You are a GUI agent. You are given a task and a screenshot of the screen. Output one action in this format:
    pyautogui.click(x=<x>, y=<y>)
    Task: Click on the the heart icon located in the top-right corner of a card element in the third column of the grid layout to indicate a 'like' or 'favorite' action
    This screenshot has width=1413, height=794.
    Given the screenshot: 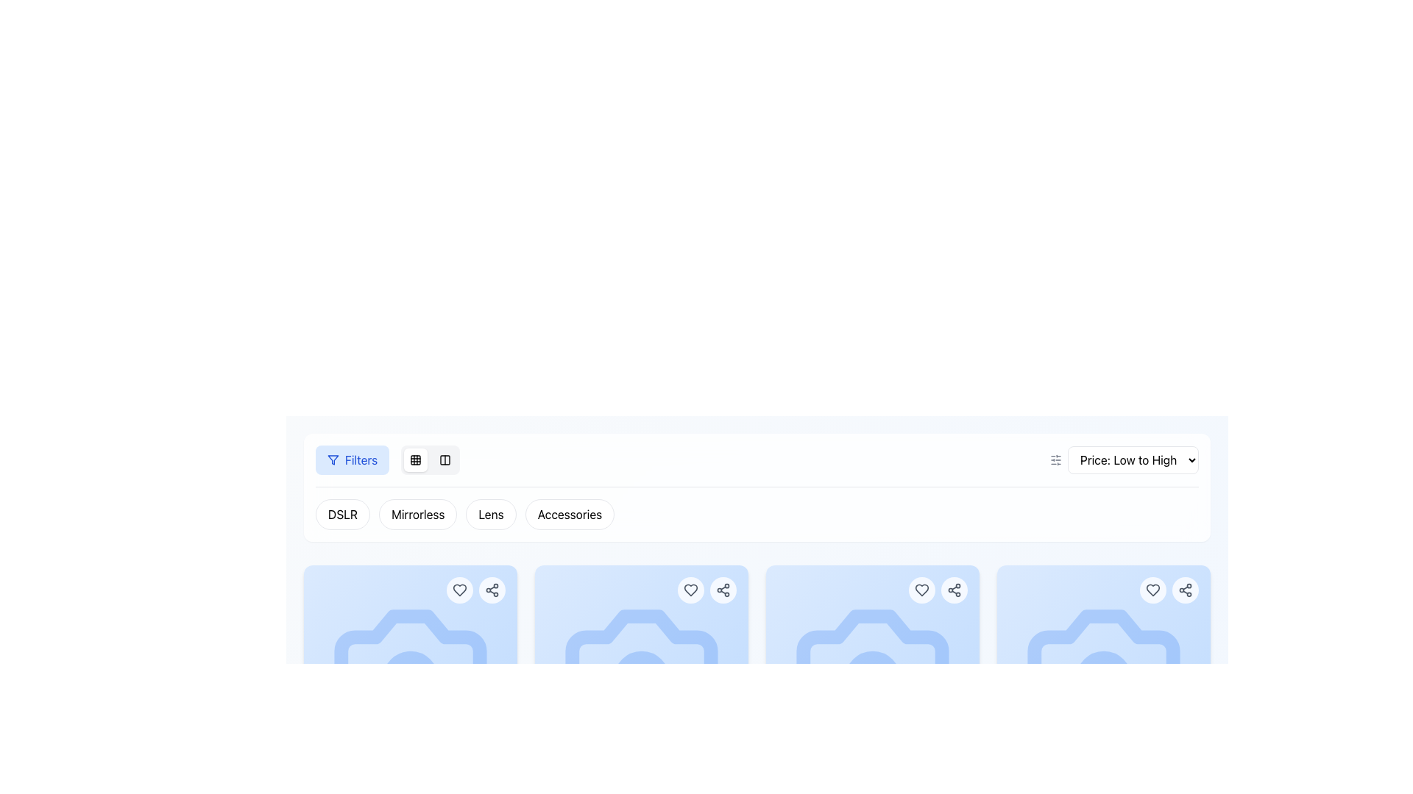 What is the action you would take?
    pyautogui.click(x=921, y=589)
    